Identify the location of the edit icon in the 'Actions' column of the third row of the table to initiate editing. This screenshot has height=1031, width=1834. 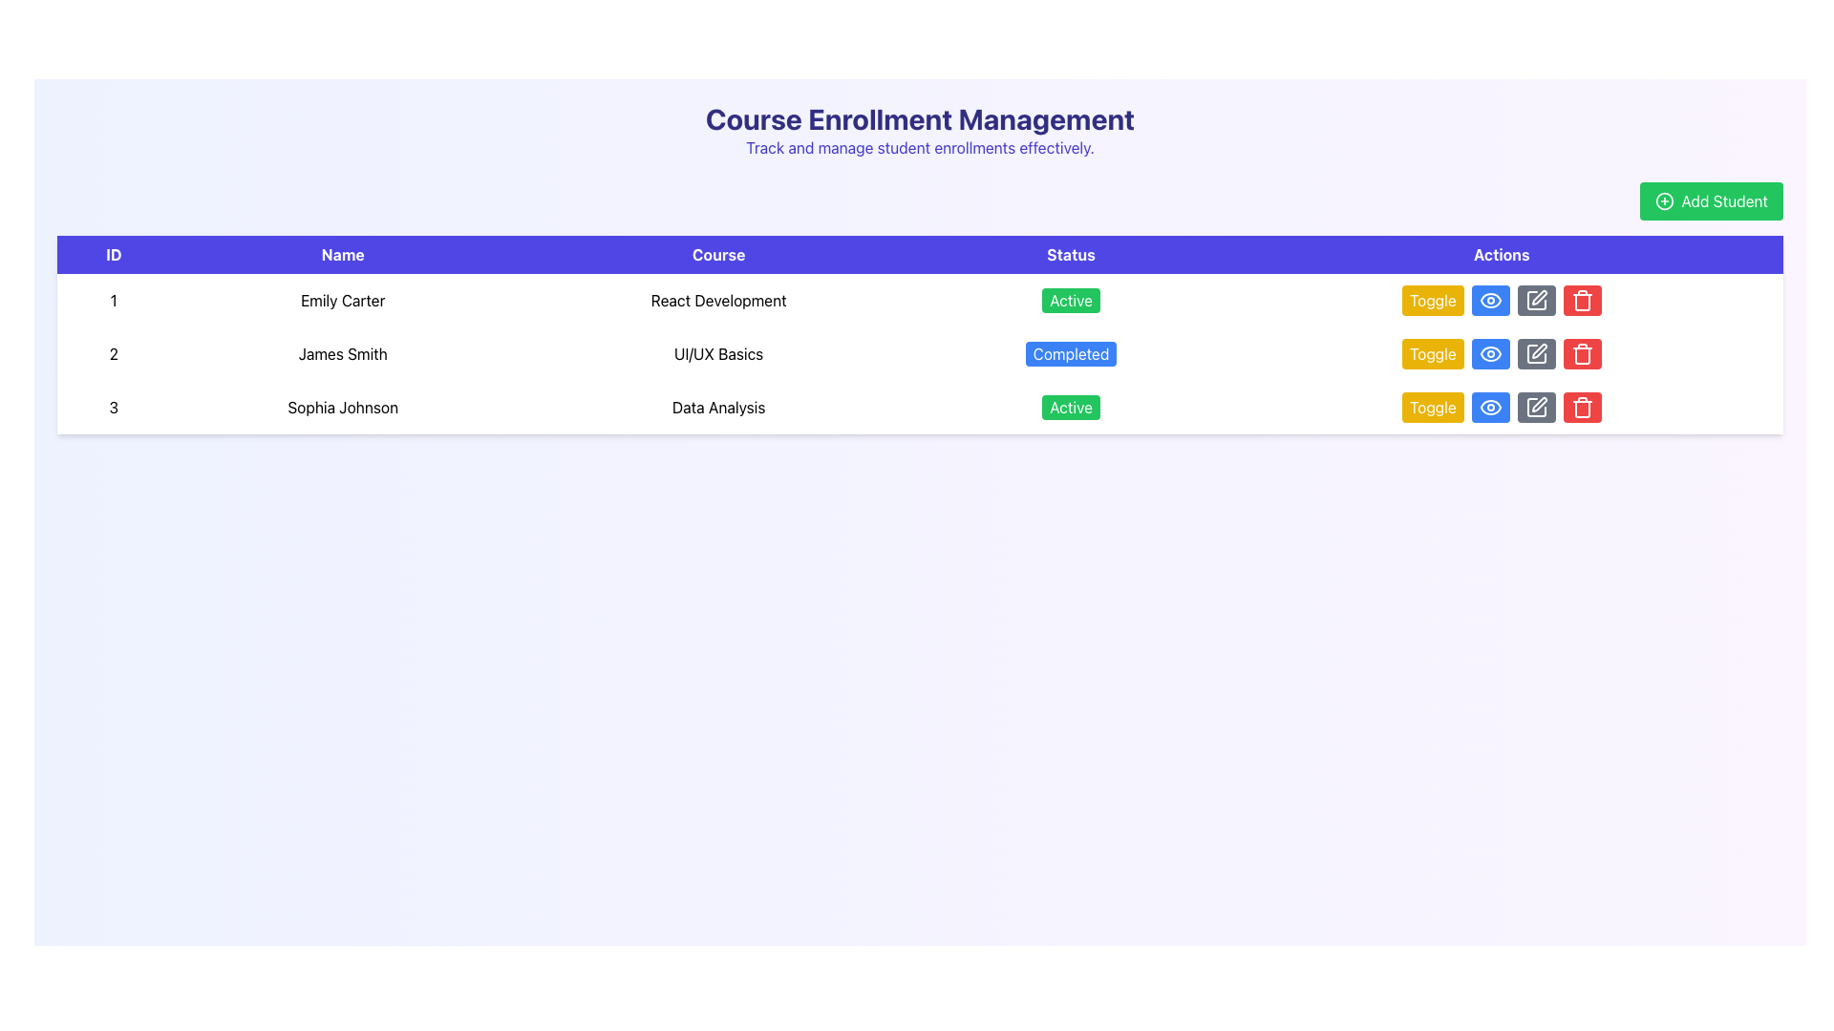
(1536, 301).